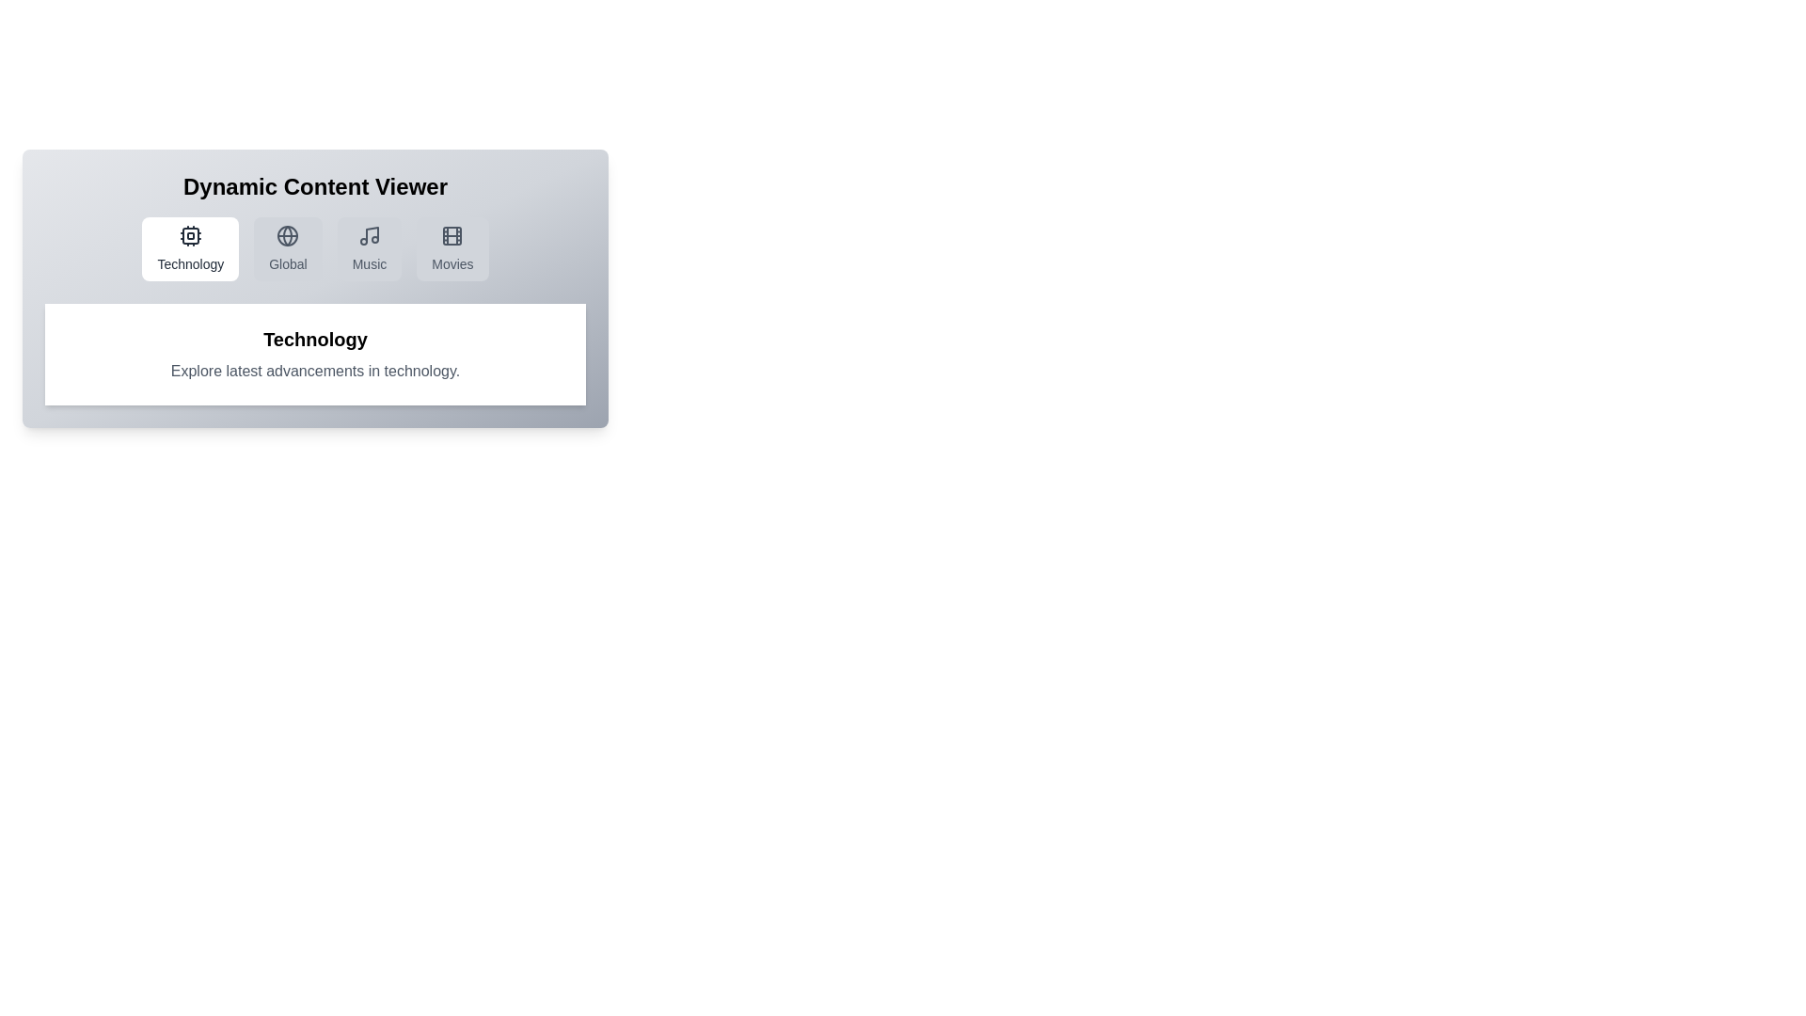 Image resolution: width=1806 pixels, height=1016 pixels. Describe the element at coordinates (287, 248) in the screenshot. I see `the Global tab to display its content` at that location.